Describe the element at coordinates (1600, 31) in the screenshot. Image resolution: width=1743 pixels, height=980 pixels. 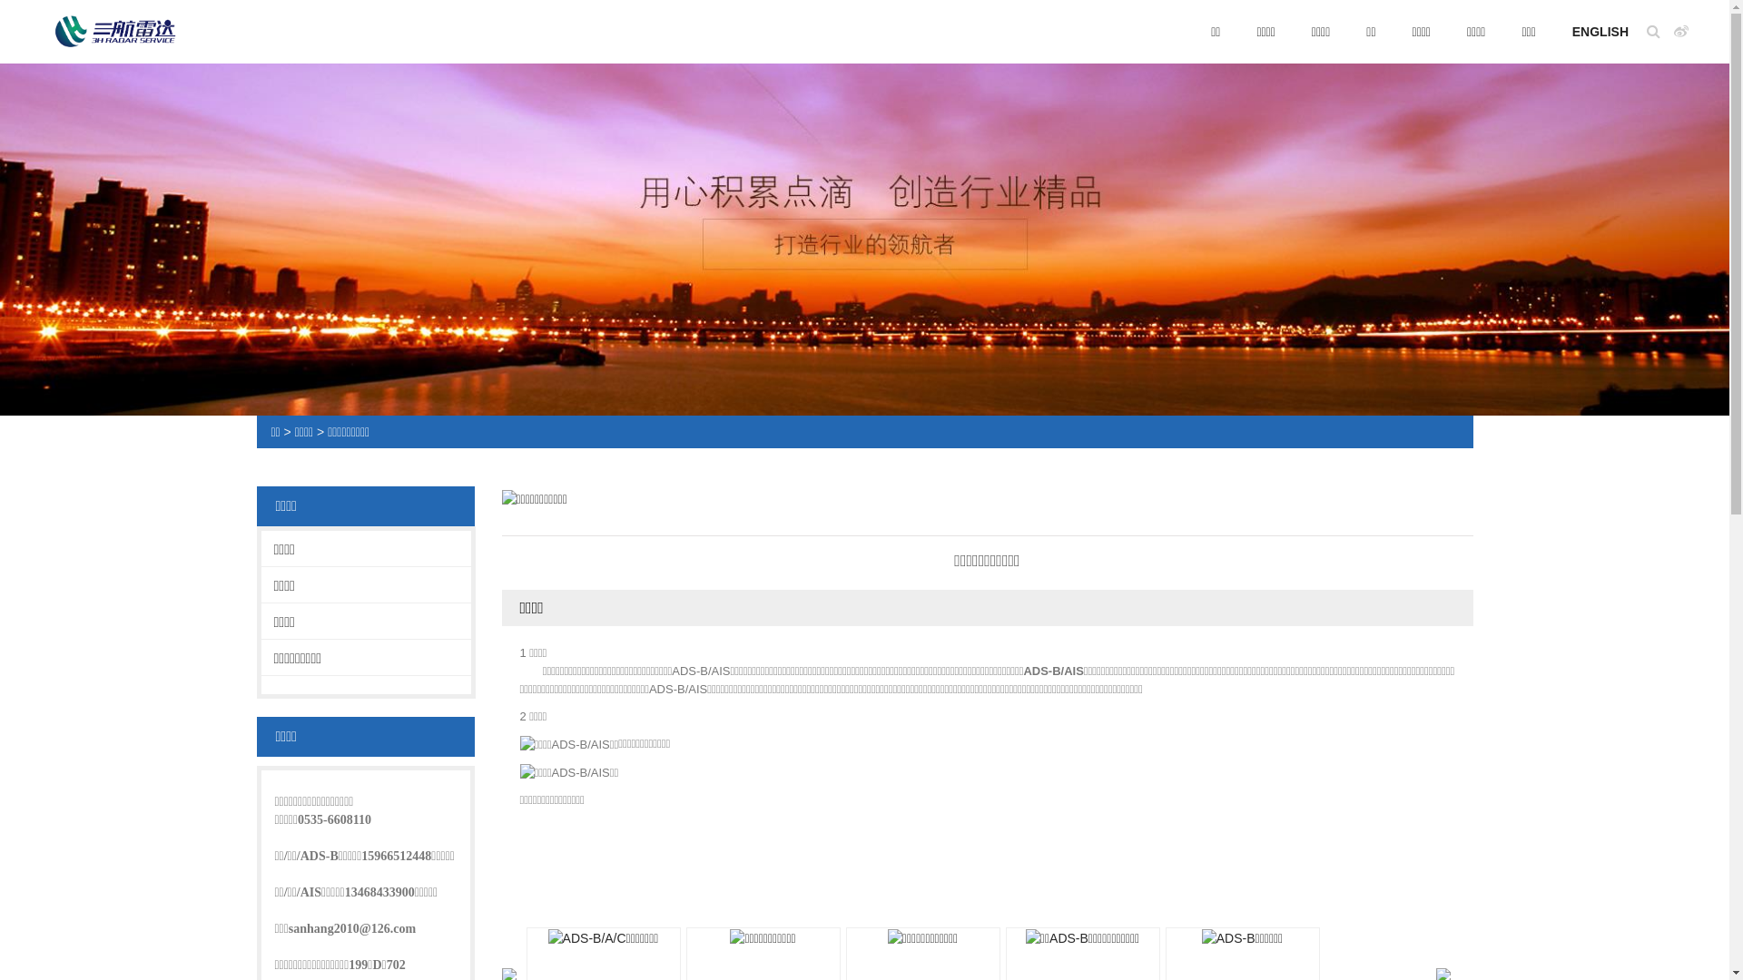
I see `'ENGLISH'` at that location.